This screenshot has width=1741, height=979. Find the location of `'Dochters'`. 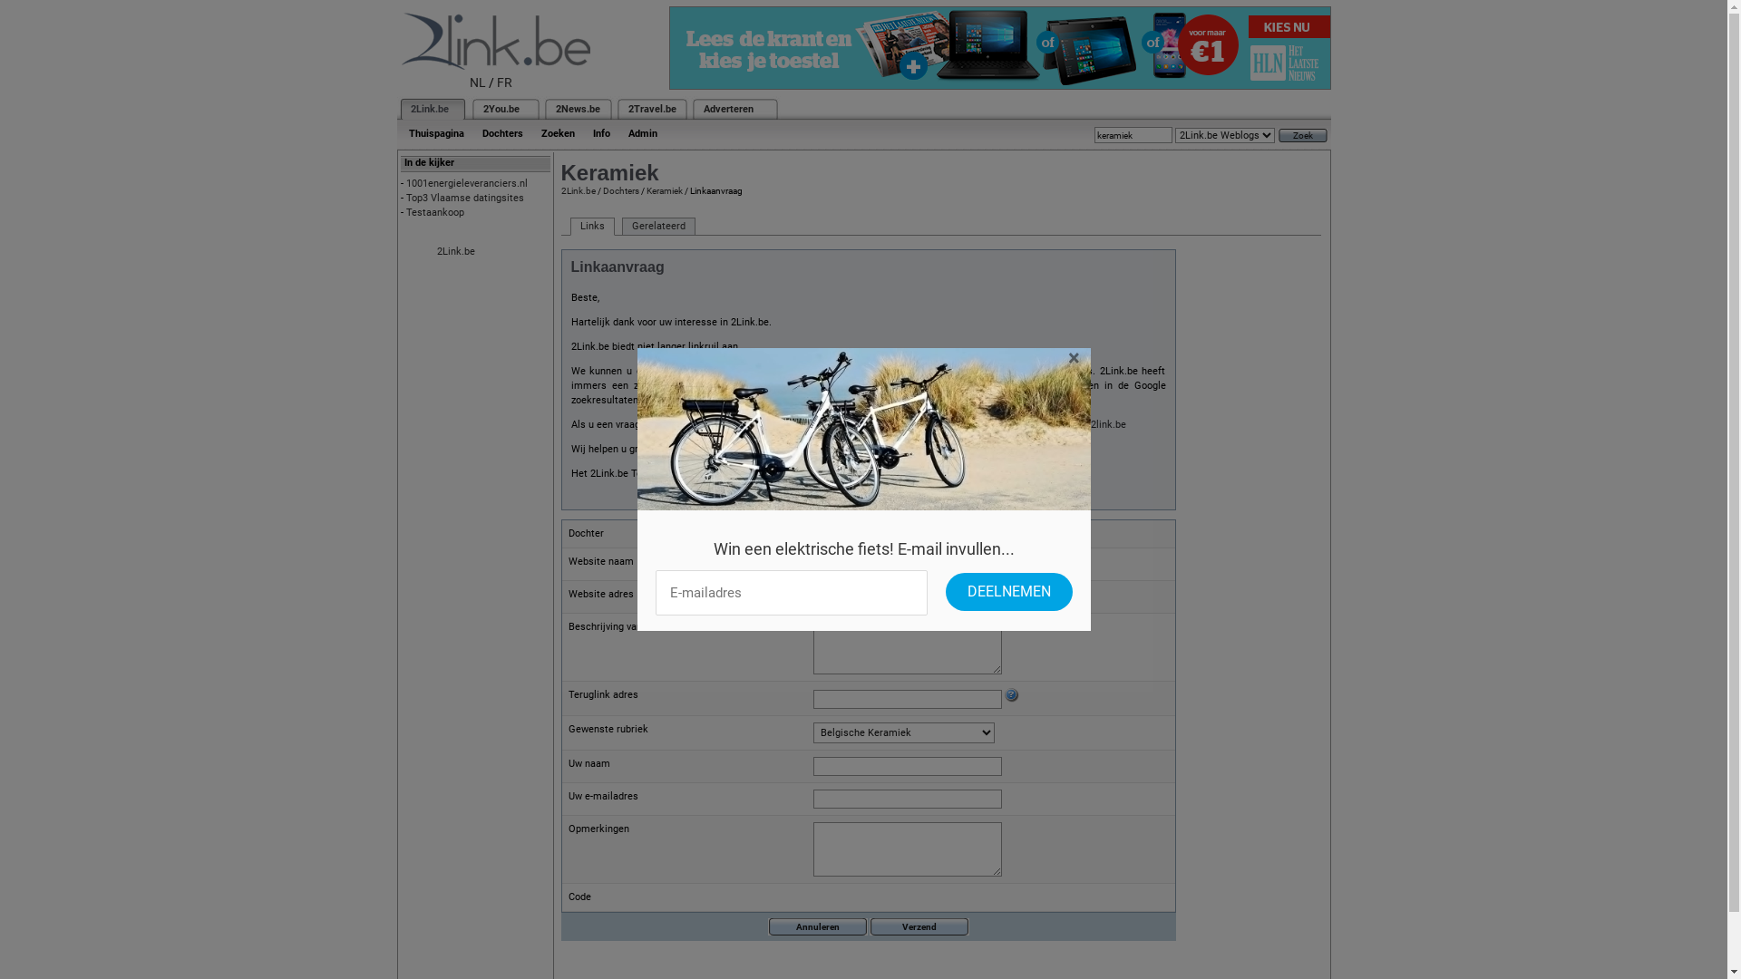

'Dochters' is located at coordinates (619, 190).